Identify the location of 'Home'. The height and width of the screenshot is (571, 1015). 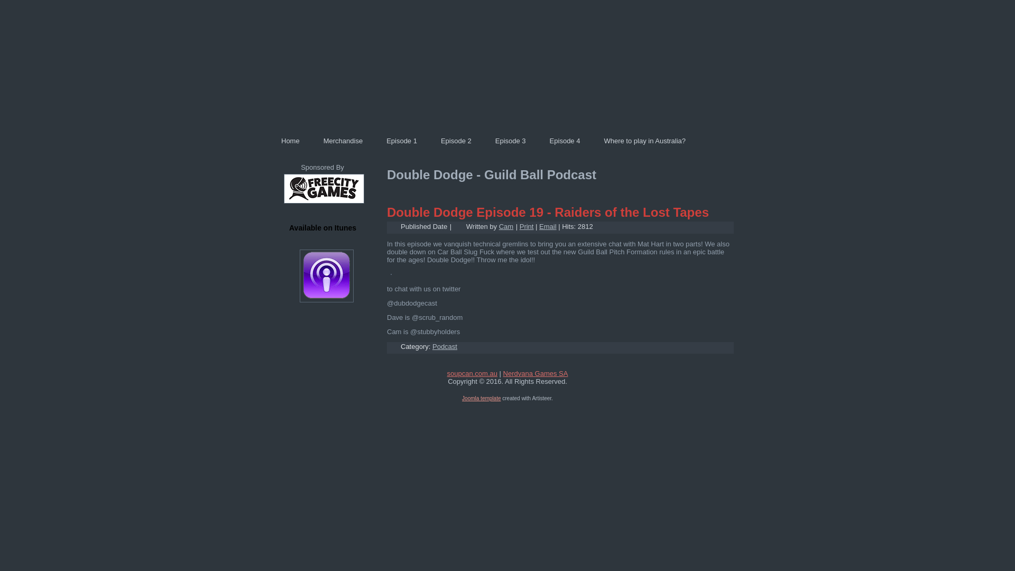
(290, 140).